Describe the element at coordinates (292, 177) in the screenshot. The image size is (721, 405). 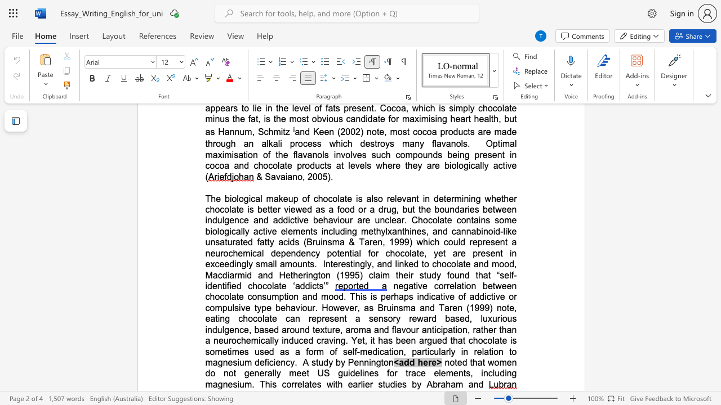
I see `the space between the continuous character "a" and "n" in the text` at that location.